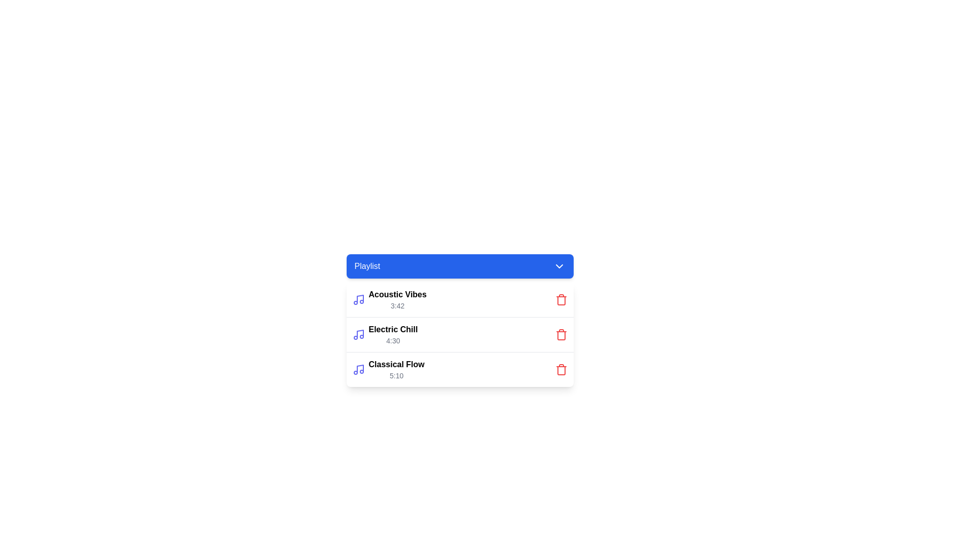 This screenshot has width=973, height=547. I want to click on the third item in the 'Playlist' dropdown menu, so click(459, 369).